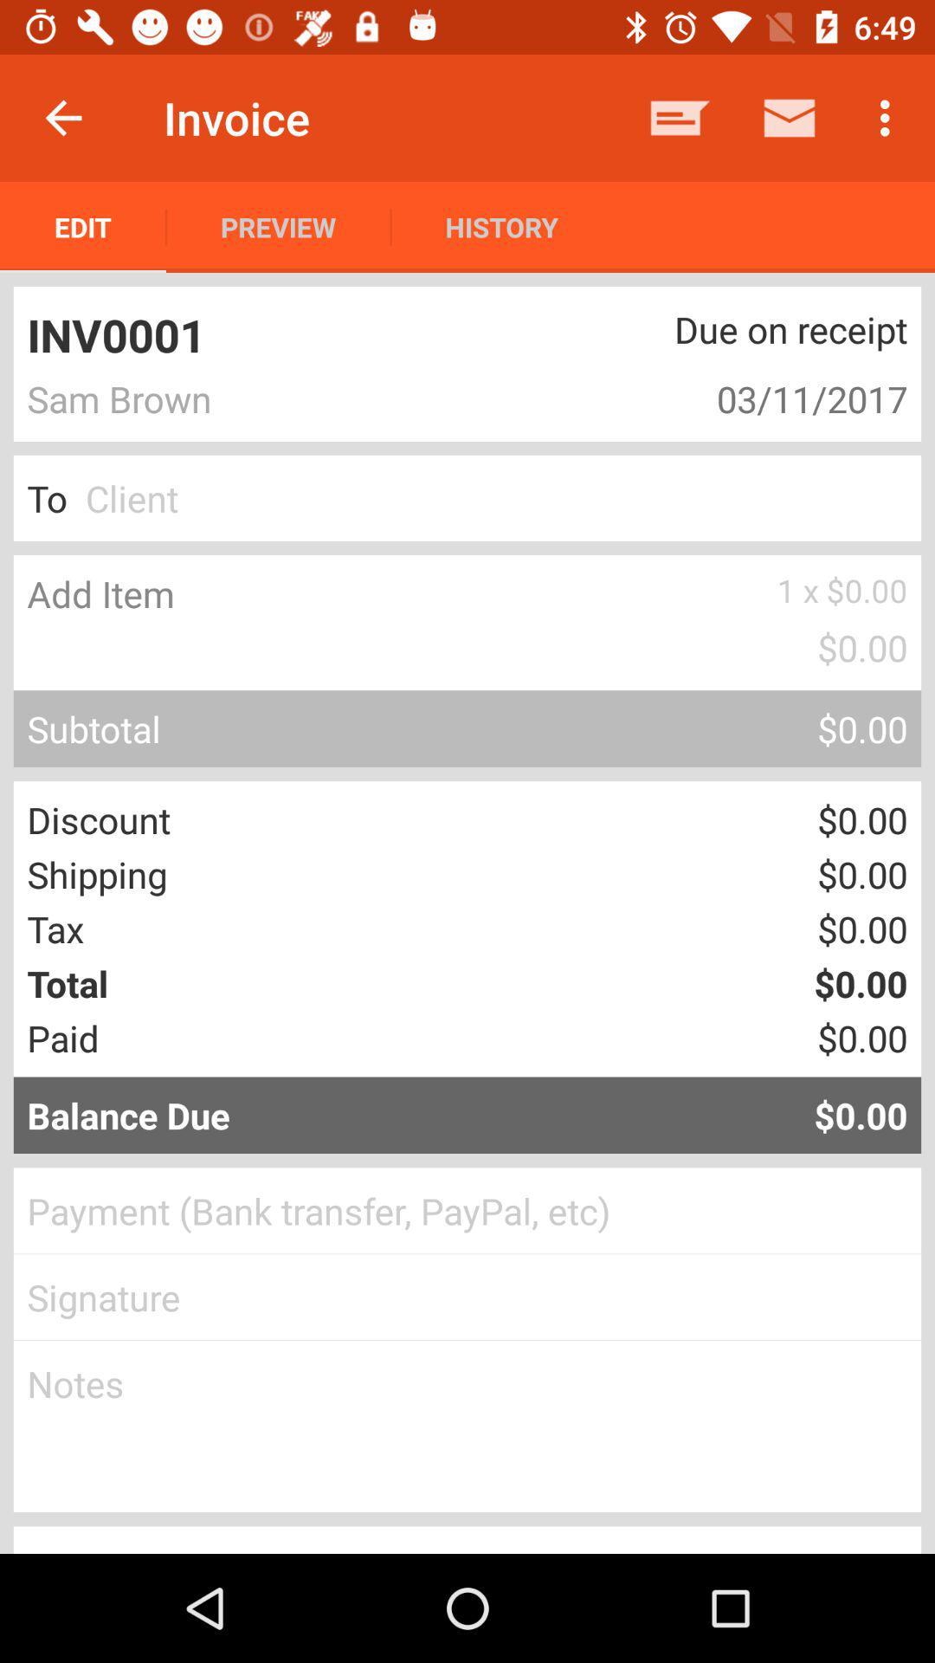  I want to click on notes, so click(467, 1426).